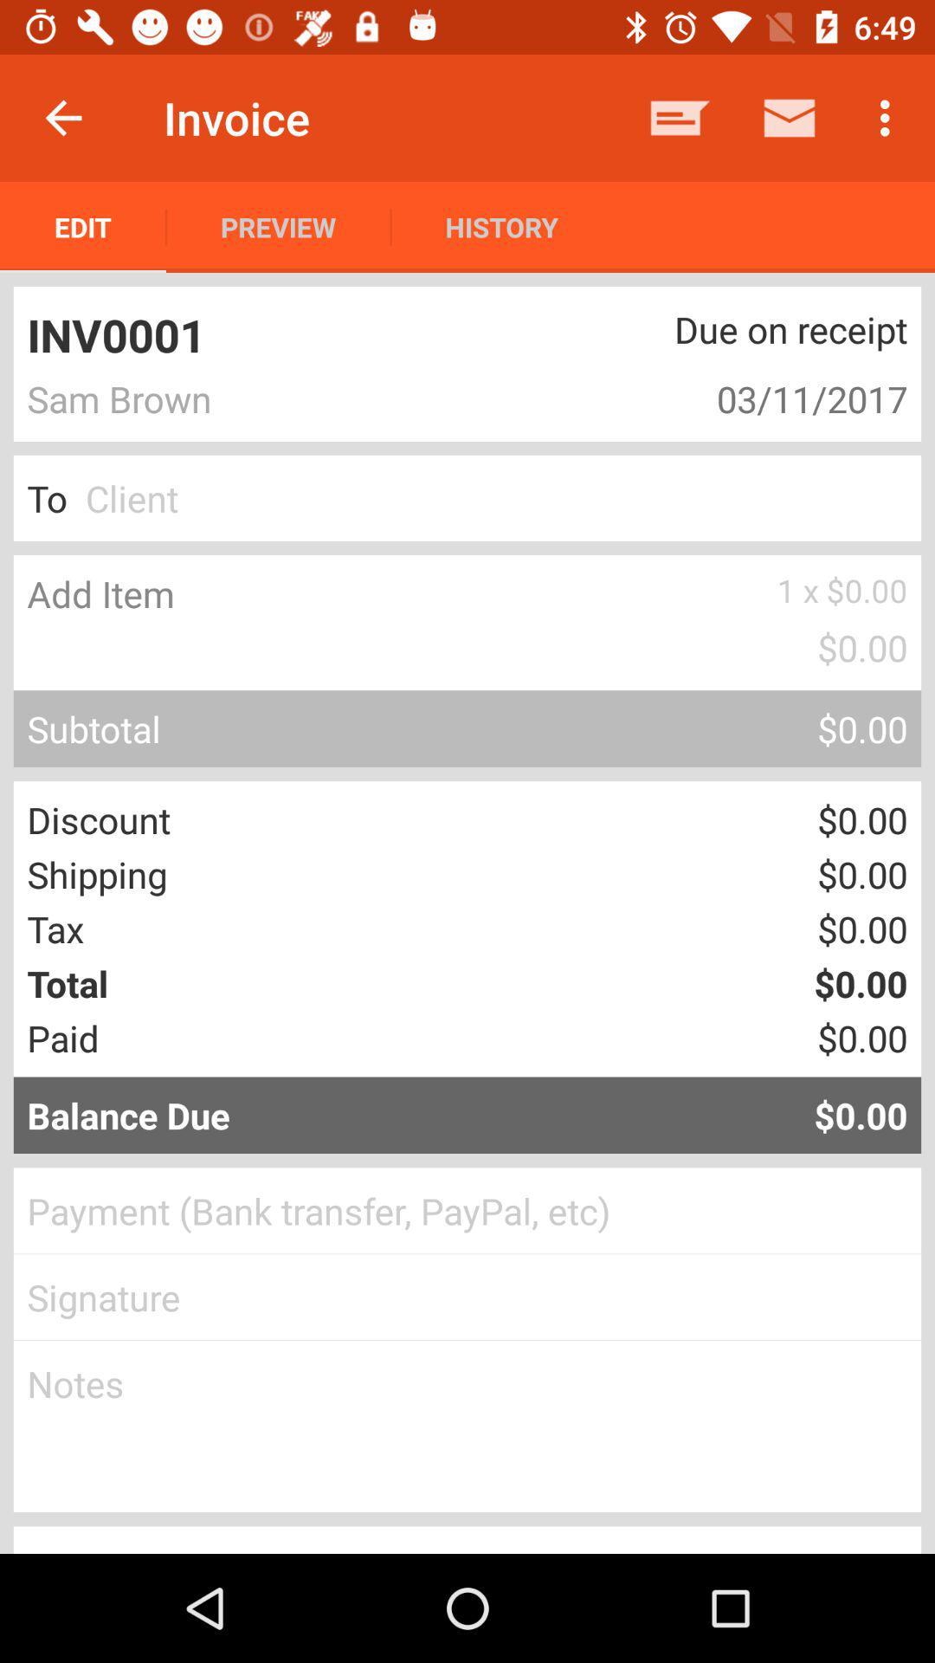  I want to click on notes, so click(467, 1426).